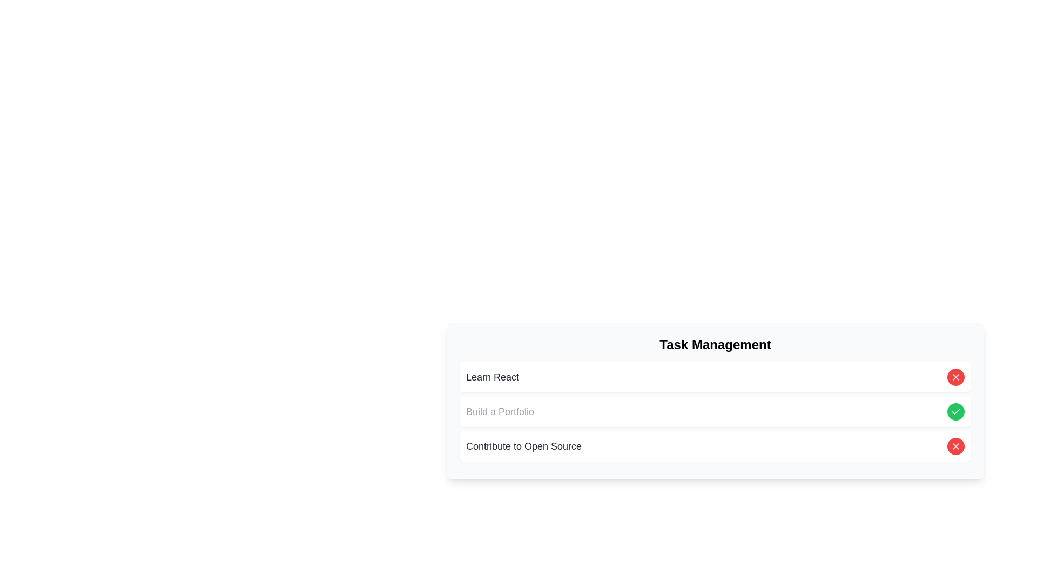 The width and height of the screenshot is (1037, 583). Describe the element at coordinates (956, 412) in the screenshot. I see `the green circular button with a white check icon to mark the task labeled 'Build a Portfolio' as complete` at that location.